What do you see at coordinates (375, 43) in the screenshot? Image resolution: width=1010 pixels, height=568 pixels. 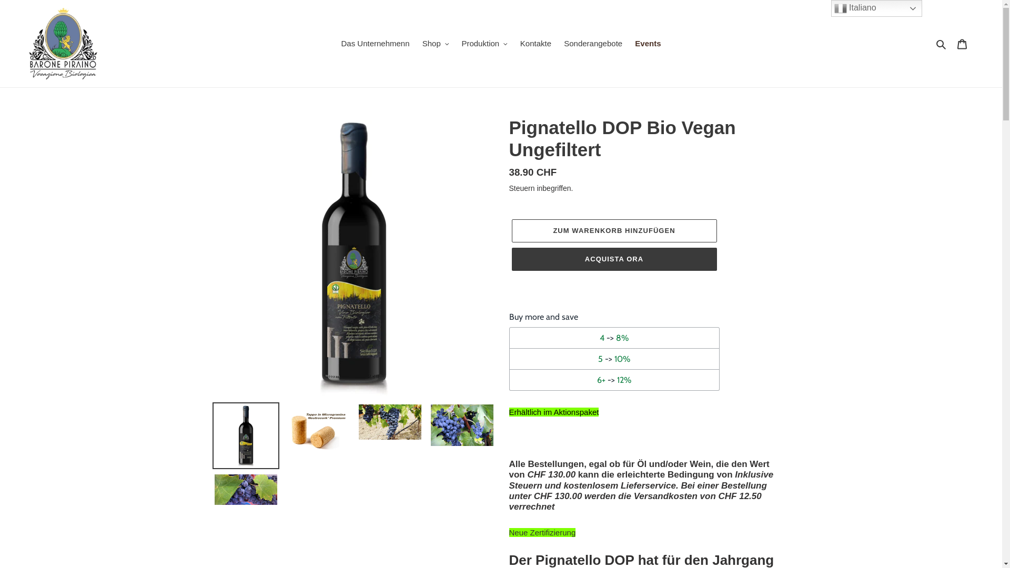 I see `'Das Unternehmenn'` at bounding box center [375, 43].